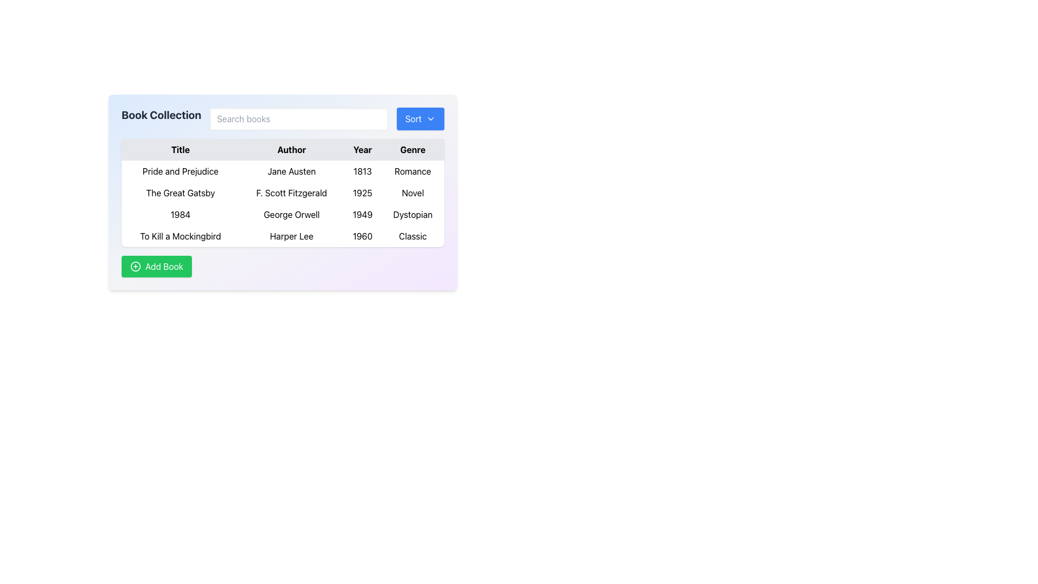 This screenshot has height=584, width=1038. I want to click on the green circular icon with a plus sign inside, located within the 'Add Book' button, to initiate the add book action, so click(135, 267).